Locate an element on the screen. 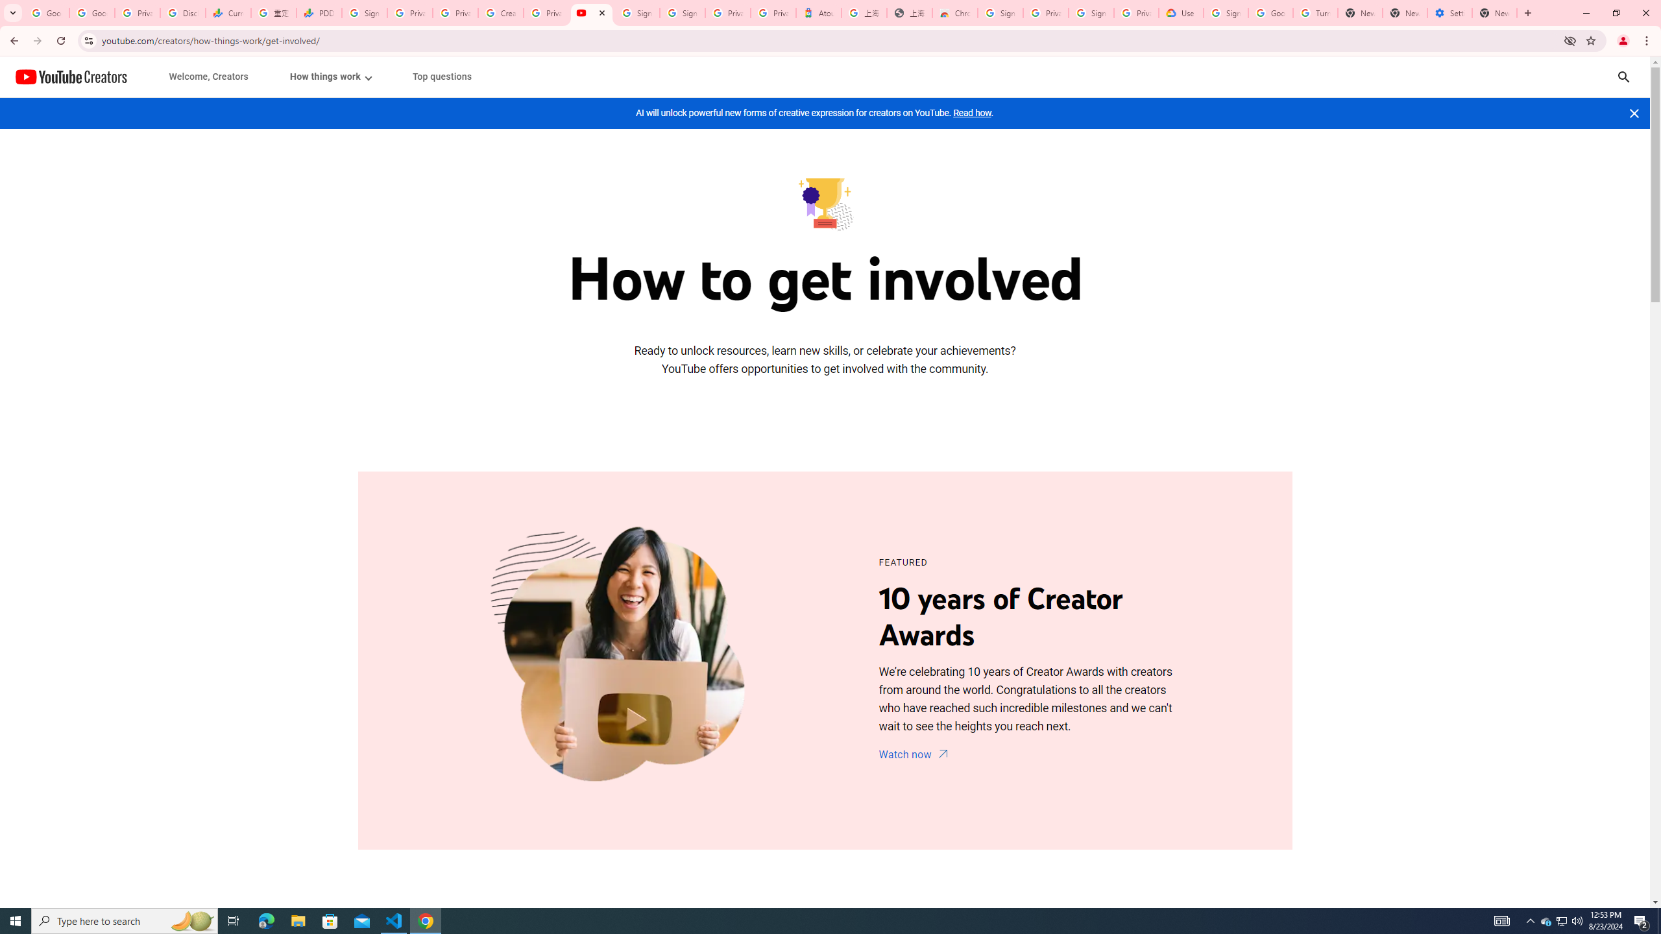 This screenshot has width=1661, height=934. 'Content Creator Programs & Opportunities - YouTube Creators' is located at coordinates (590, 12).